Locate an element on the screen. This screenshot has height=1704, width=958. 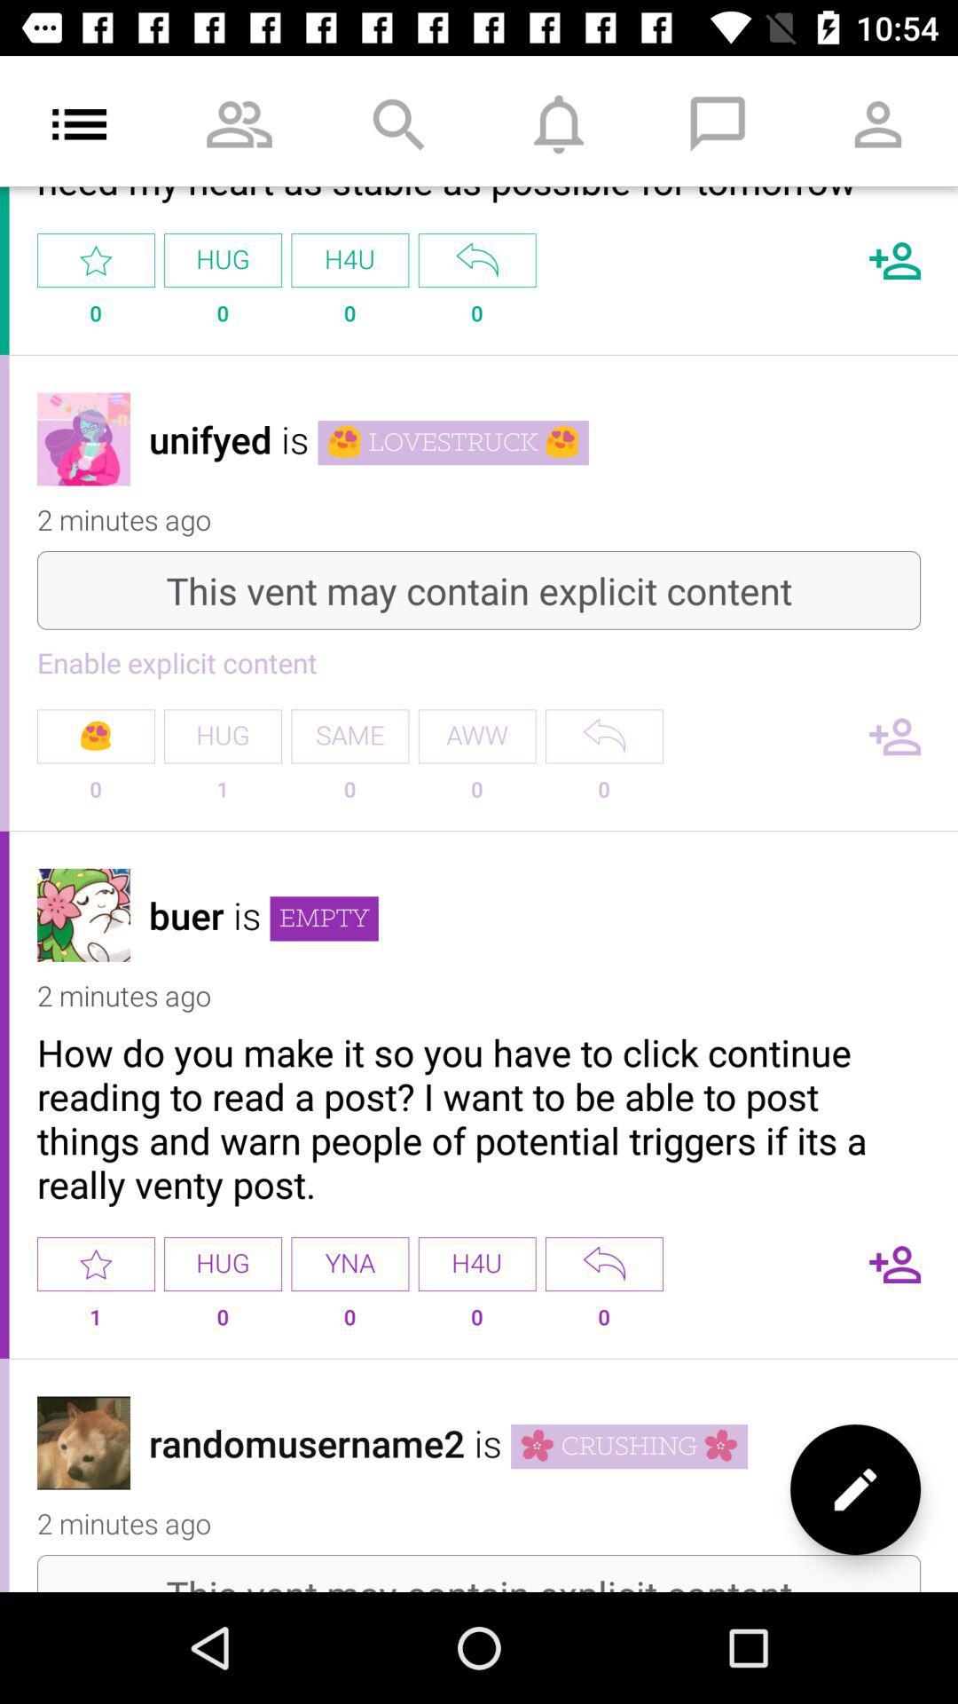
the number below the star icon which is at the bottom is located at coordinates (96, 1324).